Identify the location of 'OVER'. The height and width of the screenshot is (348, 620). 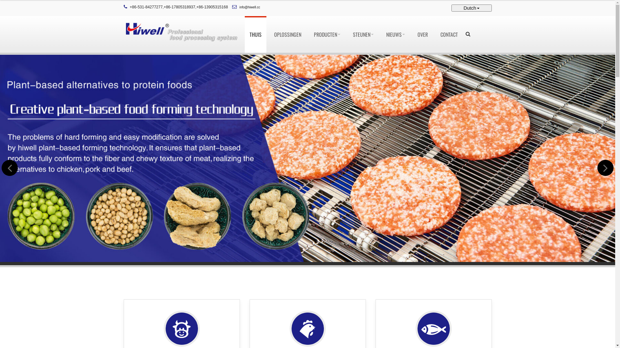
(412, 34).